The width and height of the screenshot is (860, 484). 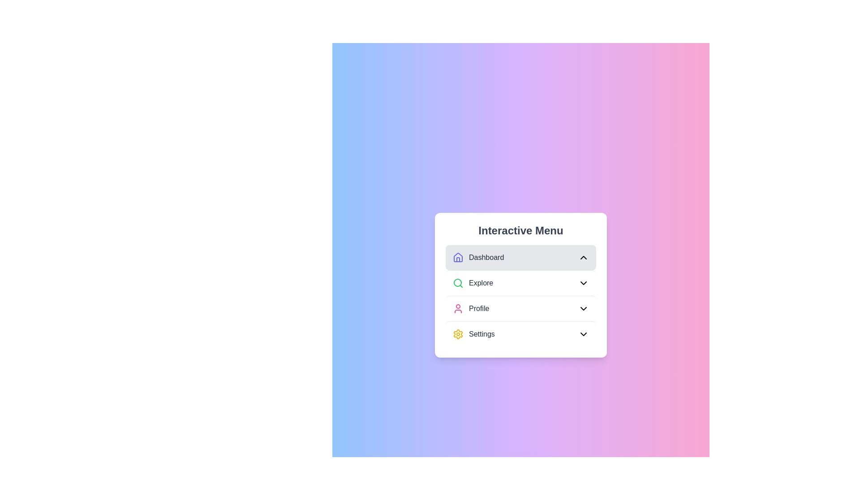 What do you see at coordinates (458, 257) in the screenshot?
I see `the icon of the menu item Dashboard for inspection` at bounding box center [458, 257].